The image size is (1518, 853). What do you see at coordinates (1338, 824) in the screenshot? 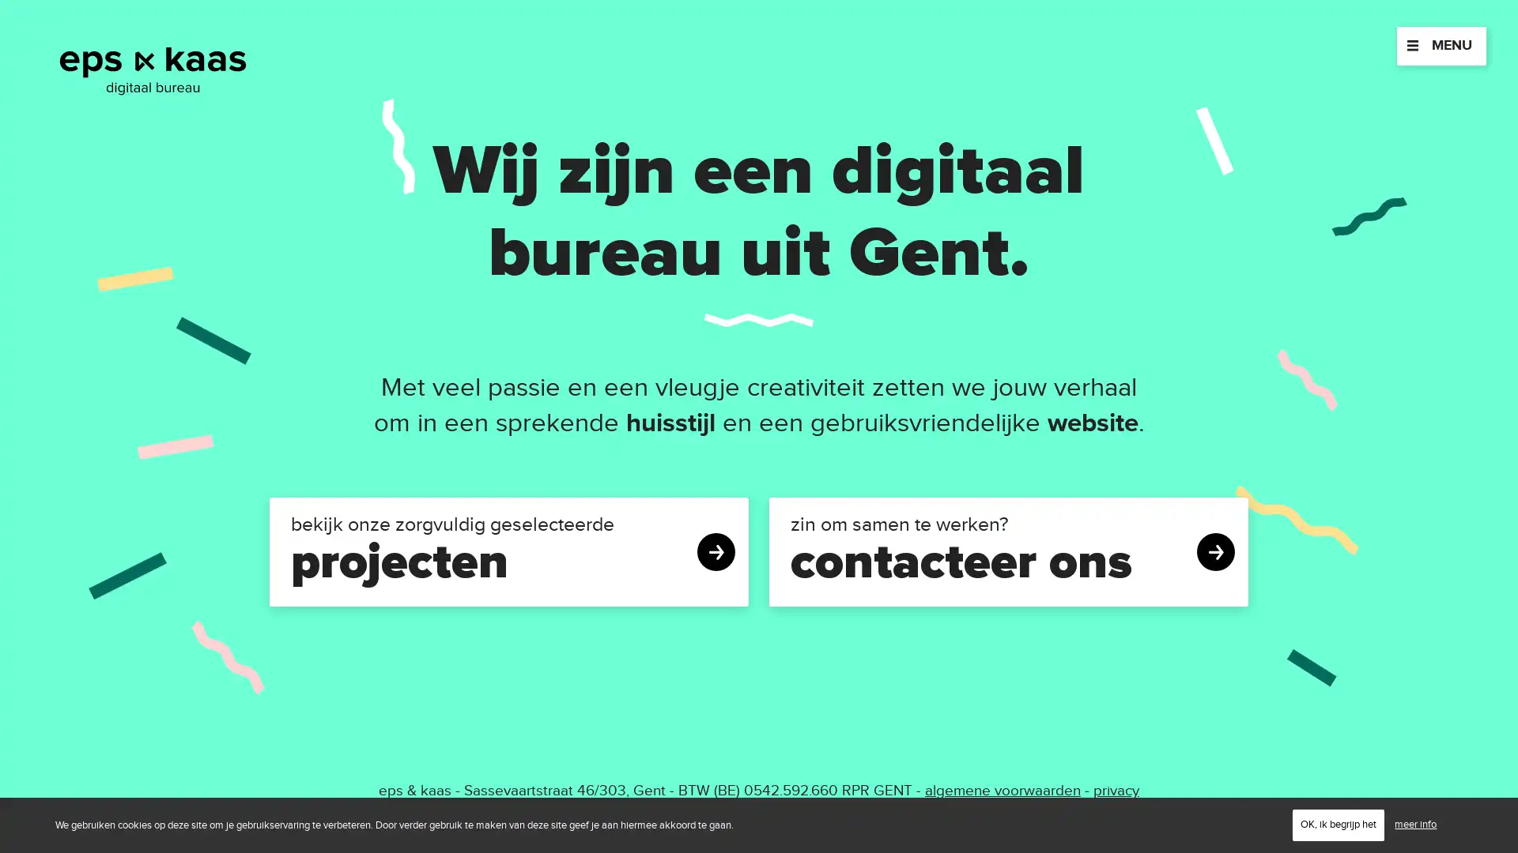
I see `OK, ik begrijp het` at bounding box center [1338, 824].